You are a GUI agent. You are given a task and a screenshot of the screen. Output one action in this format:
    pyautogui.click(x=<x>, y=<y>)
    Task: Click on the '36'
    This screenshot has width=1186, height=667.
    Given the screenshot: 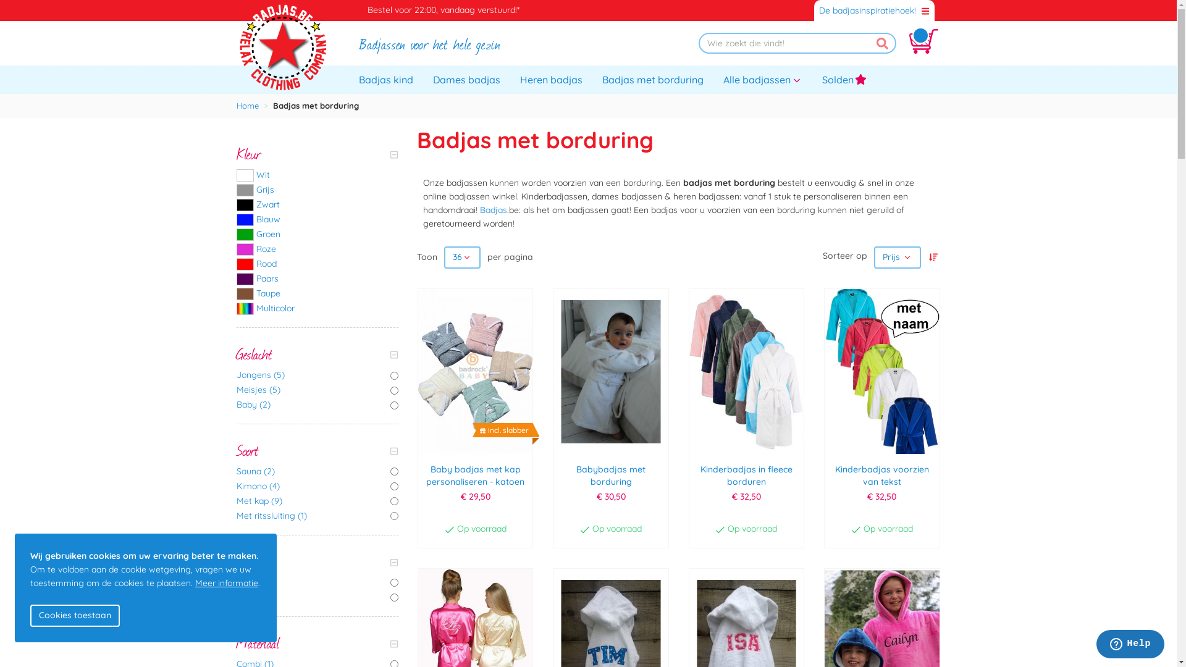 What is the action you would take?
    pyautogui.click(x=461, y=256)
    